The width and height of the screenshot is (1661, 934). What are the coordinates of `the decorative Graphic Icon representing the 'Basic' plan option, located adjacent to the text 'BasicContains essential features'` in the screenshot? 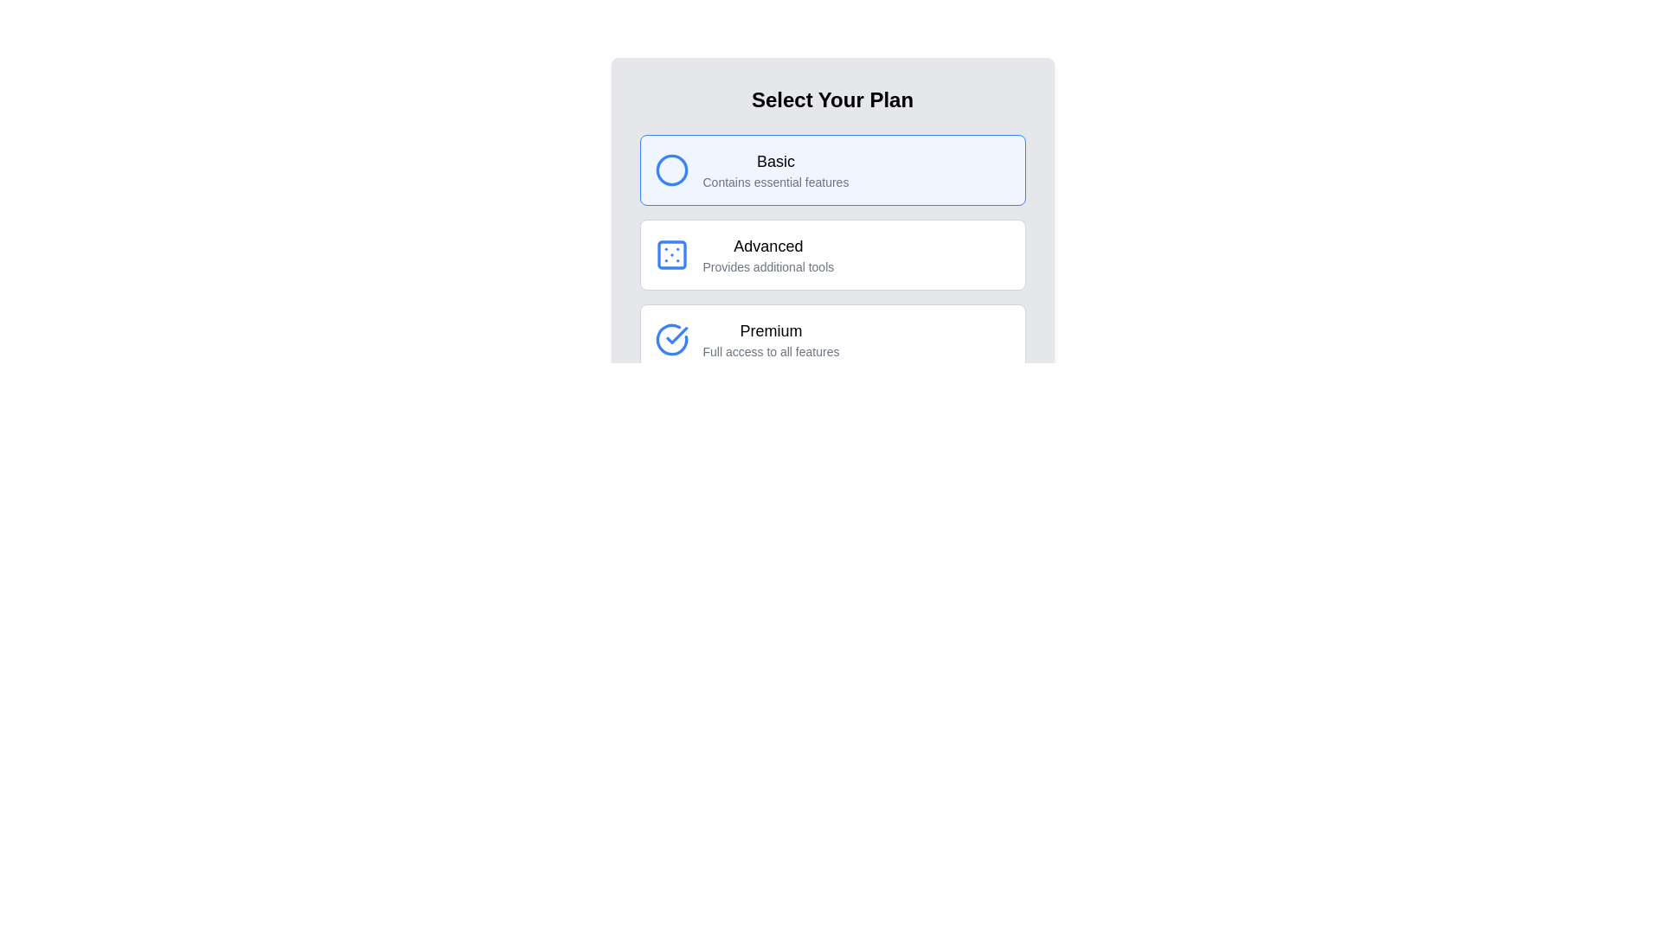 It's located at (670, 170).